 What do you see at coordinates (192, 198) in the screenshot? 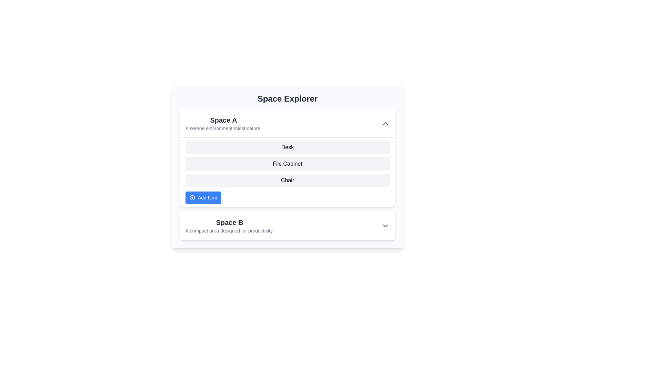
I see `the circular graphical decoration within the 'Add Item' button located in the 'Space A' section` at bounding box center [192, 198].